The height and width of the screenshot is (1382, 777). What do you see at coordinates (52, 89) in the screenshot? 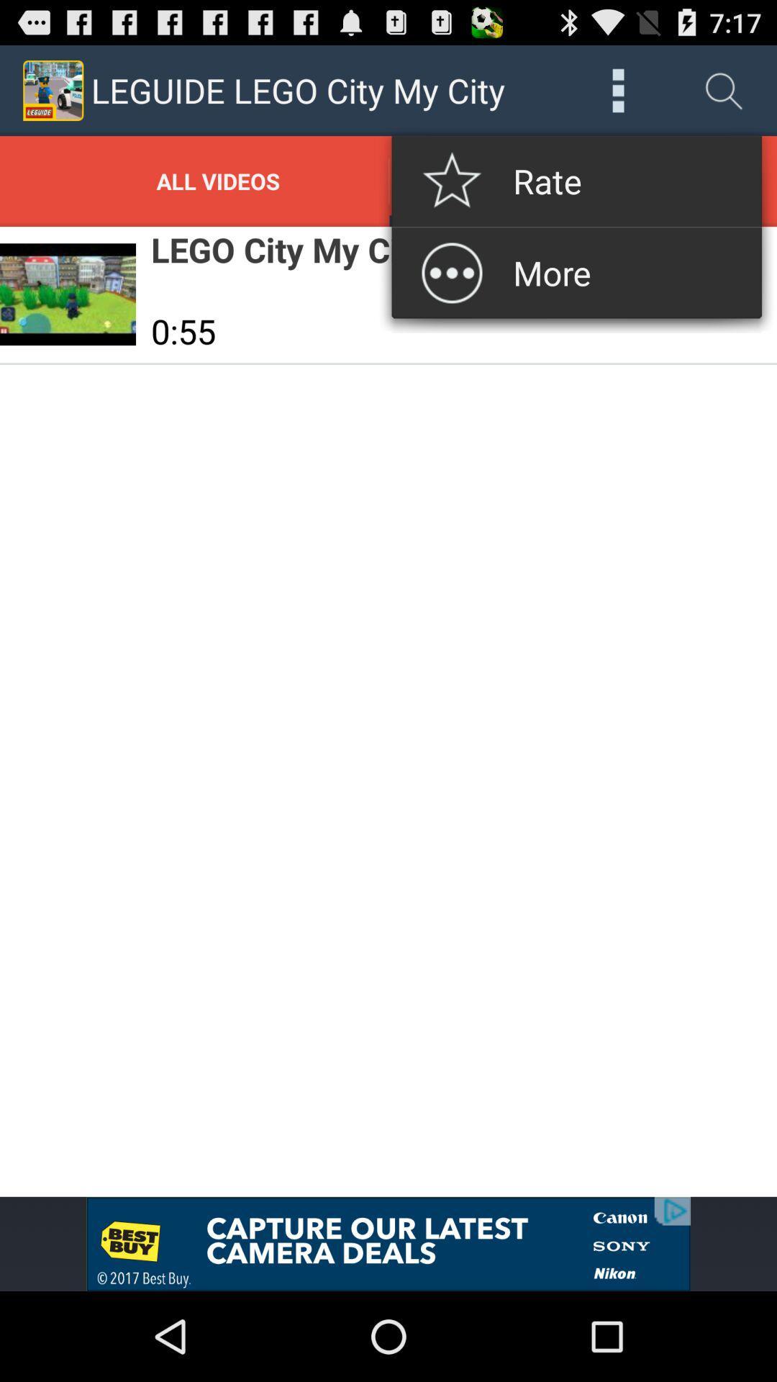
I see `top left` at bounding box center [52, 89].